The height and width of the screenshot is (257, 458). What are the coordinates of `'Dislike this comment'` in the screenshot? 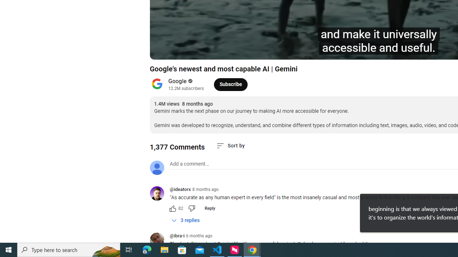 It's located at (191, 208).